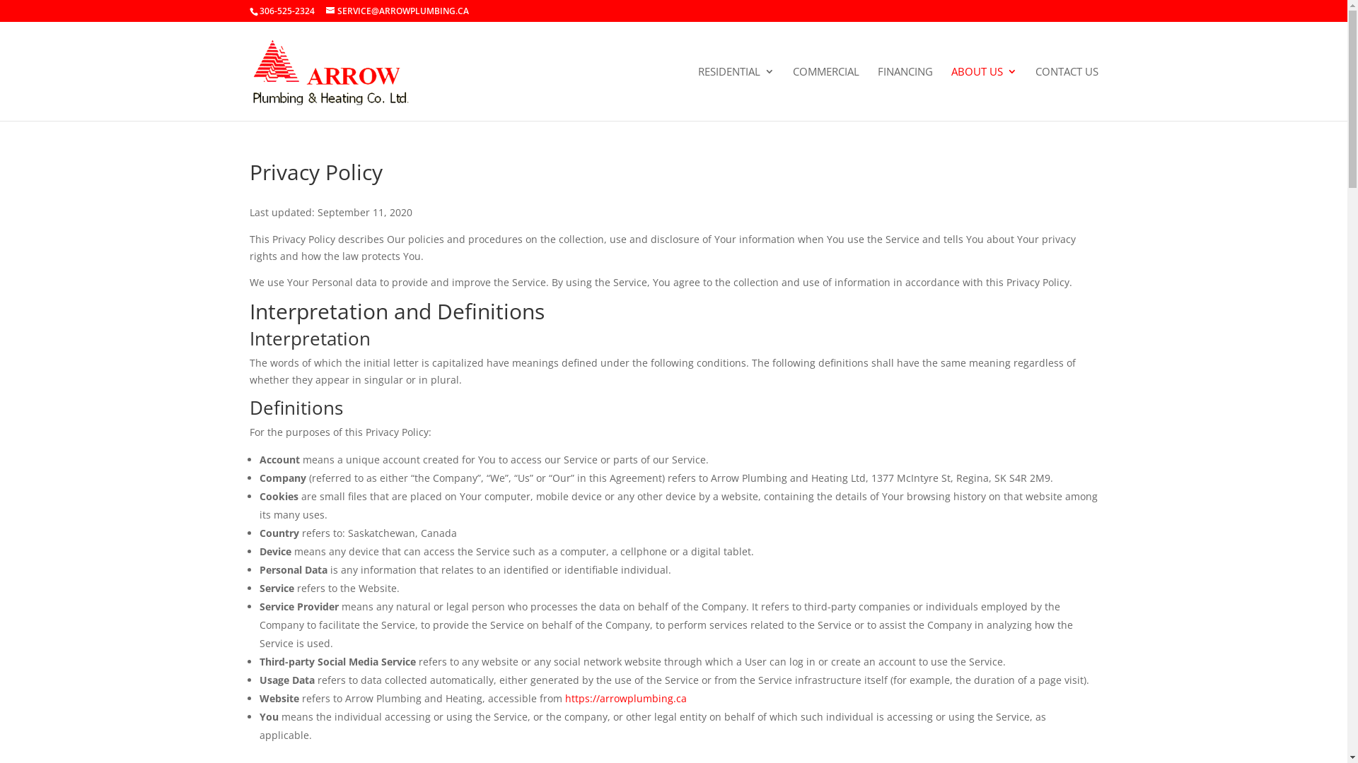  I want to click on 'COMMERCIAL', so click(825, 93).